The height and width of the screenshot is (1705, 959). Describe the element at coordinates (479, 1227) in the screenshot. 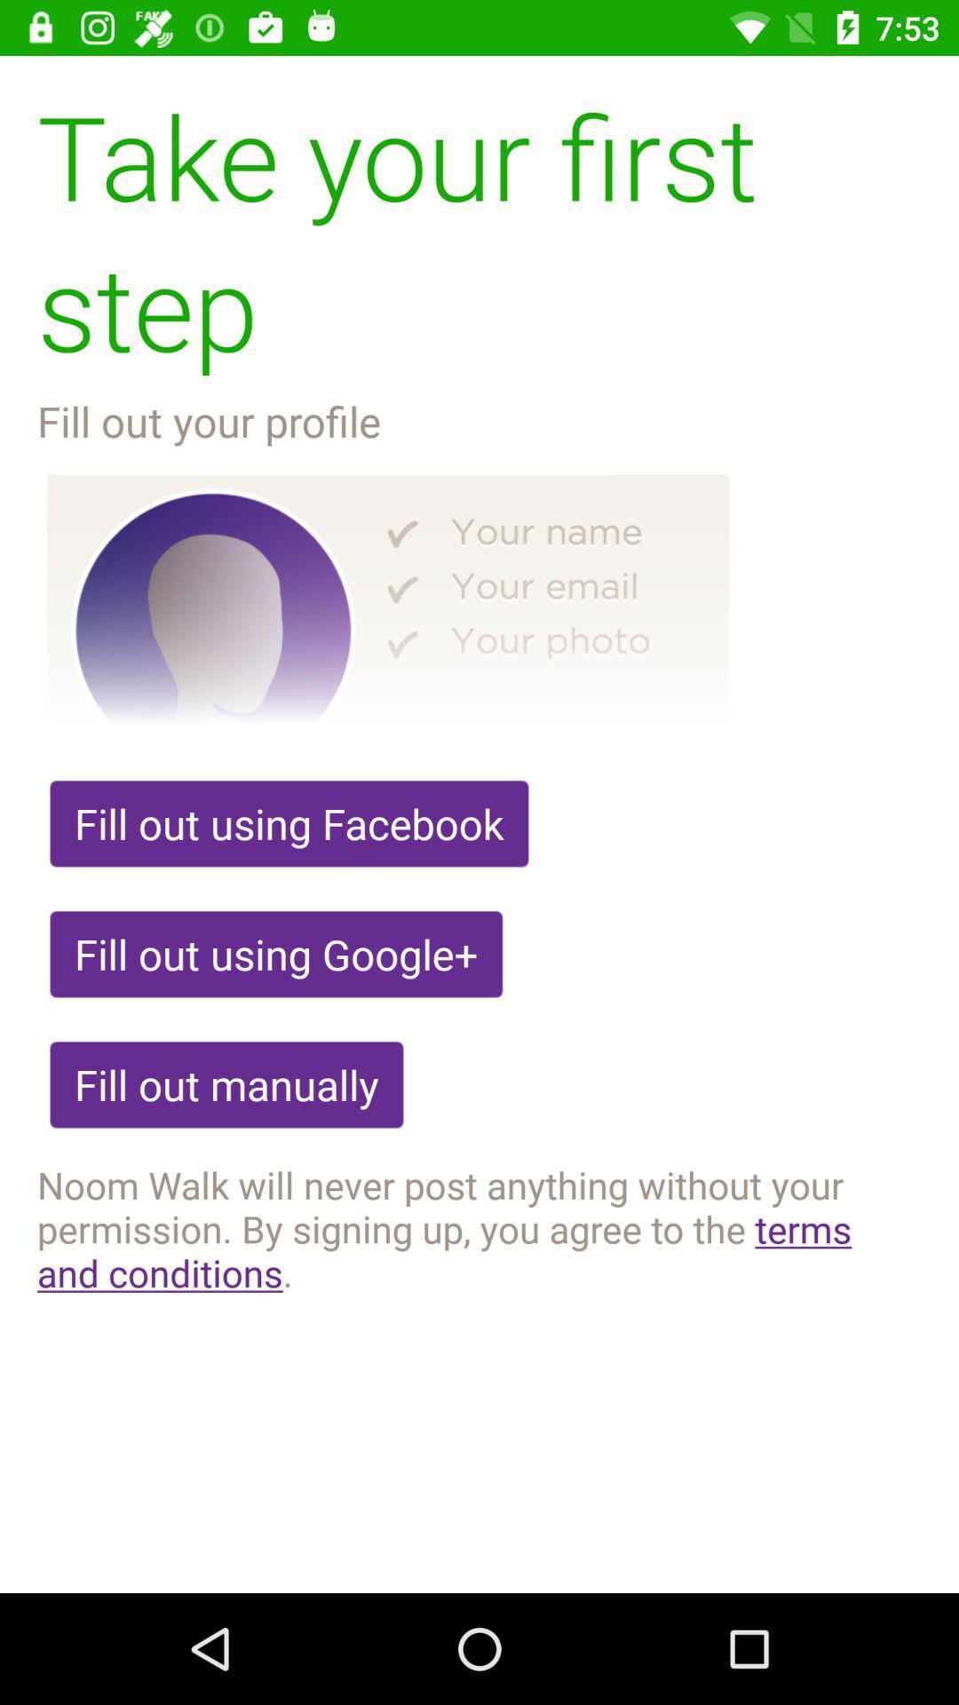

I see `noom walk will` at that location.